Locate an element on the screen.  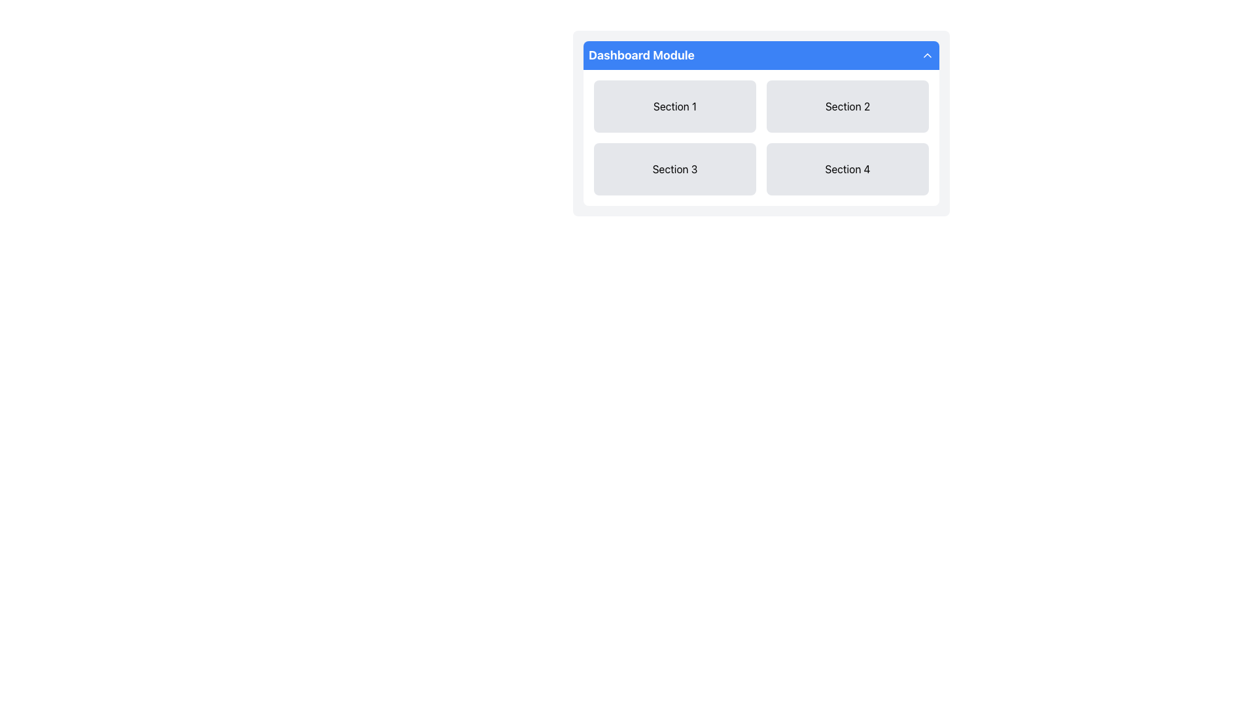
the 'Section 4' grid cell, which is a rectangular section with rounded corners and a light gray background is located at coordinates (848, 168).